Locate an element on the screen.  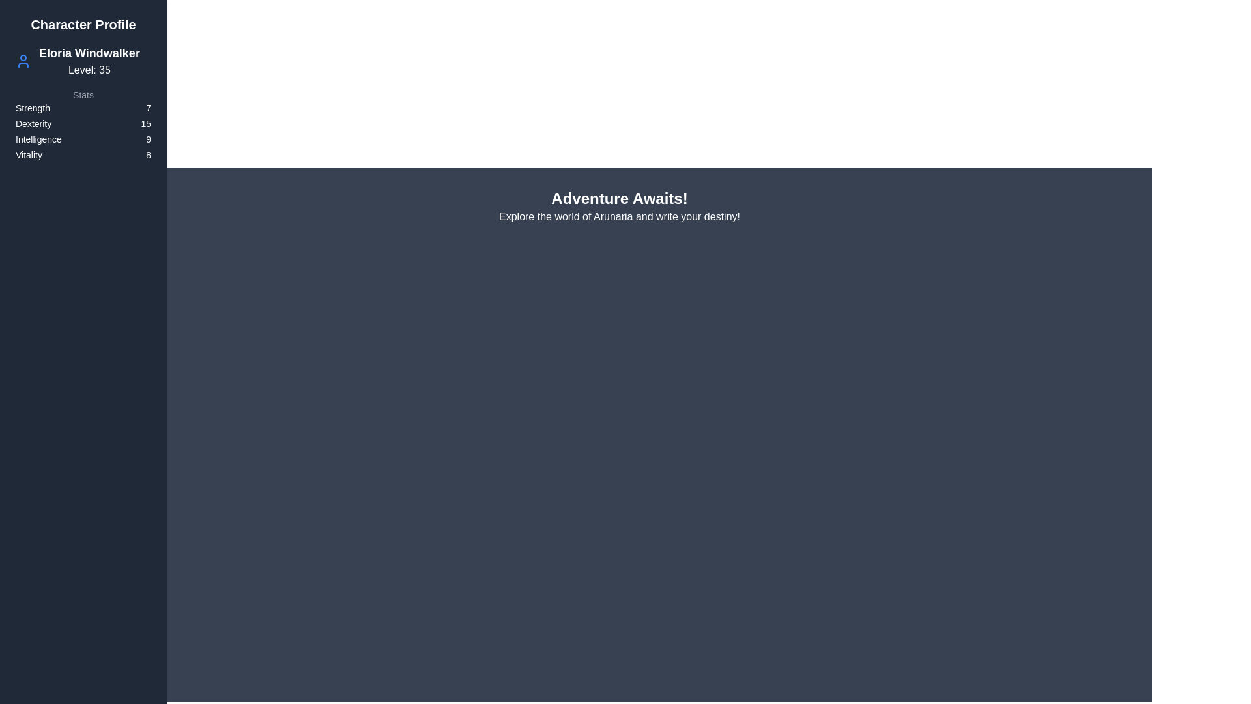
the character profile section to view detailed stats is located at coordinates (83, 88).